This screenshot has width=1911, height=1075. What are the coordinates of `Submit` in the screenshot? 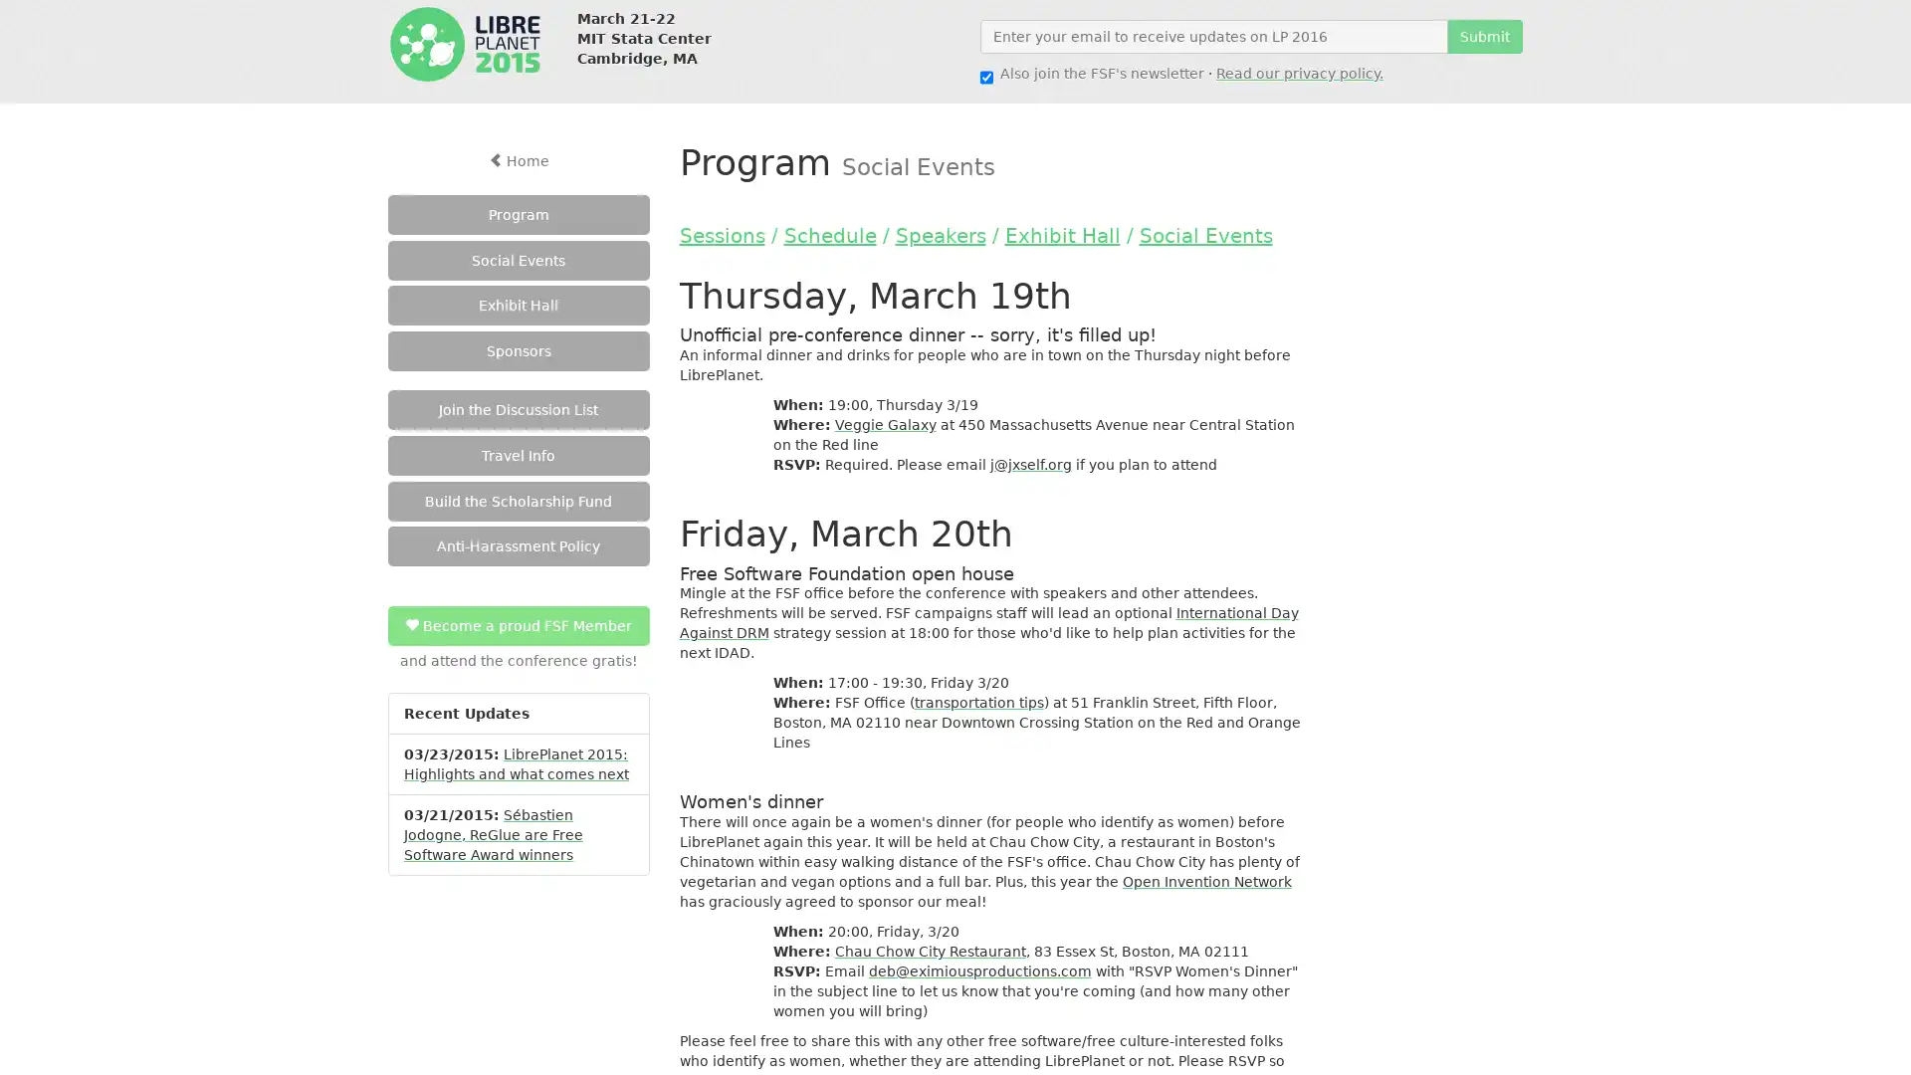 It's located at (1485, 37).